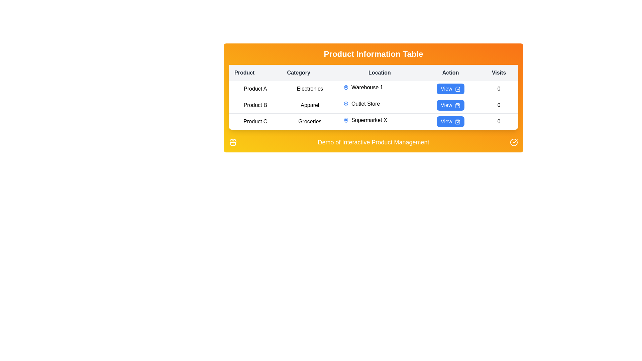  Describe the element at coordinates (499, 121) in the screenshot. I see `the Text Label indicating the count or value for 'Visits' related to 'Product C', positioned at the far-right of the 'Visits' column in the 'Product Information Table'` at that location.